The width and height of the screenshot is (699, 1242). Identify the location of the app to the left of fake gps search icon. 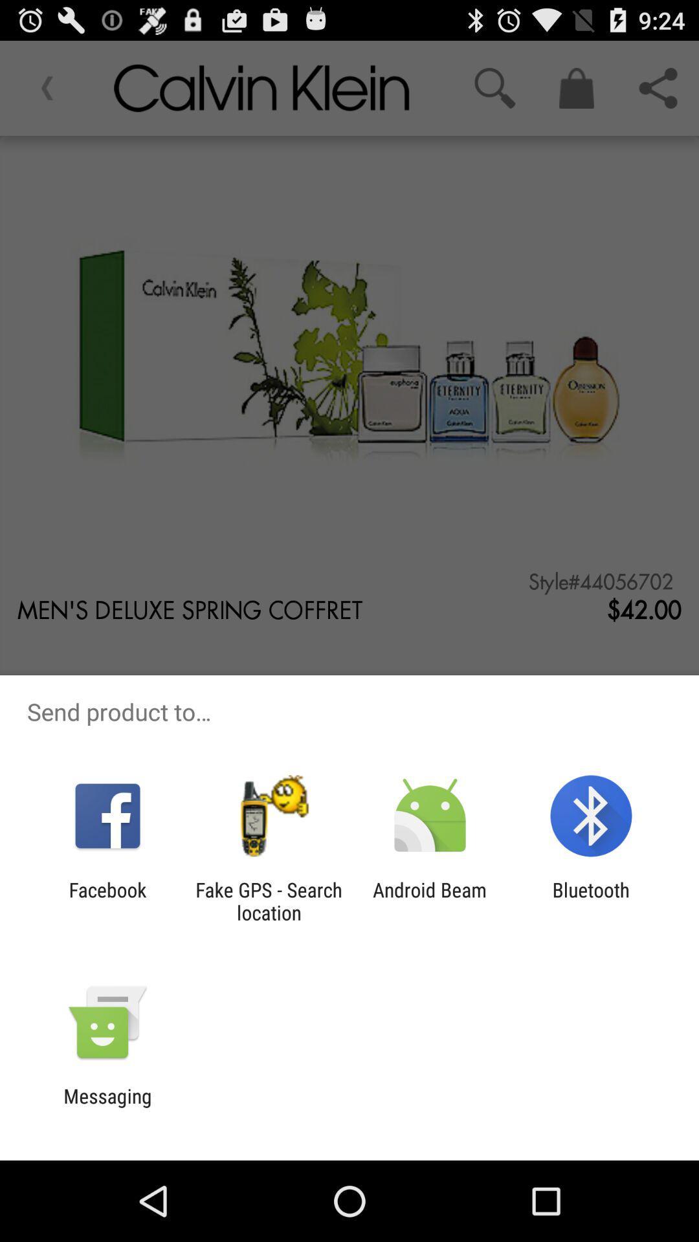
(107, 900).